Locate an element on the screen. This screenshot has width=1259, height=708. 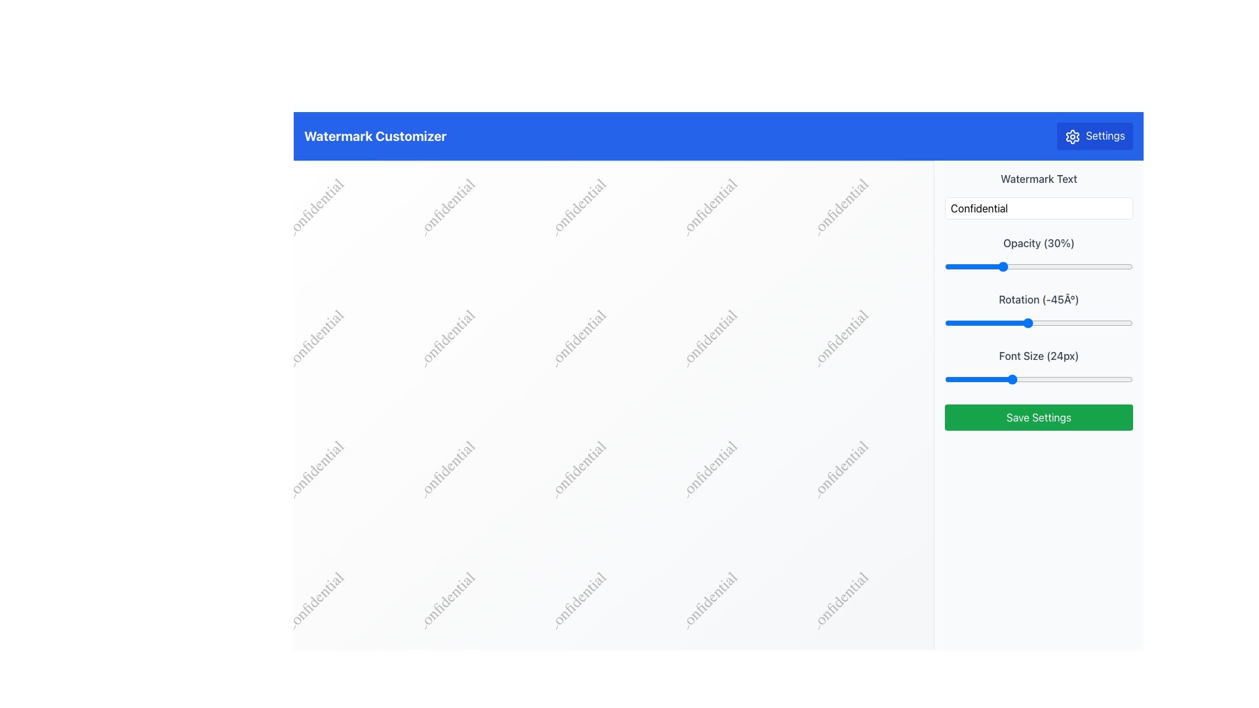
rotation is located at coordinates (1107, 323).